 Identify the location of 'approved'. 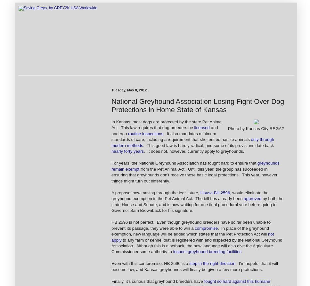
(244, 198).